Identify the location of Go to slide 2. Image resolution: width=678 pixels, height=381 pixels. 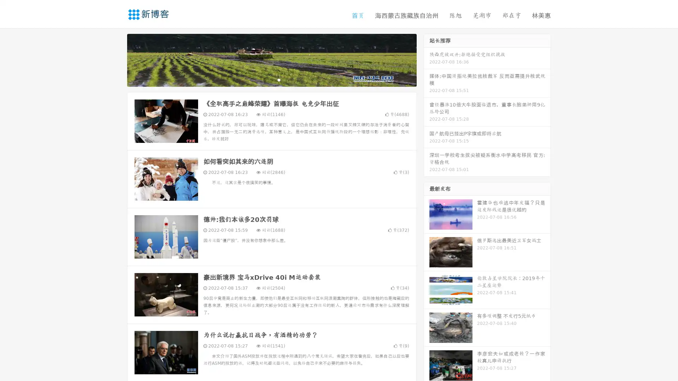
(271, 79).